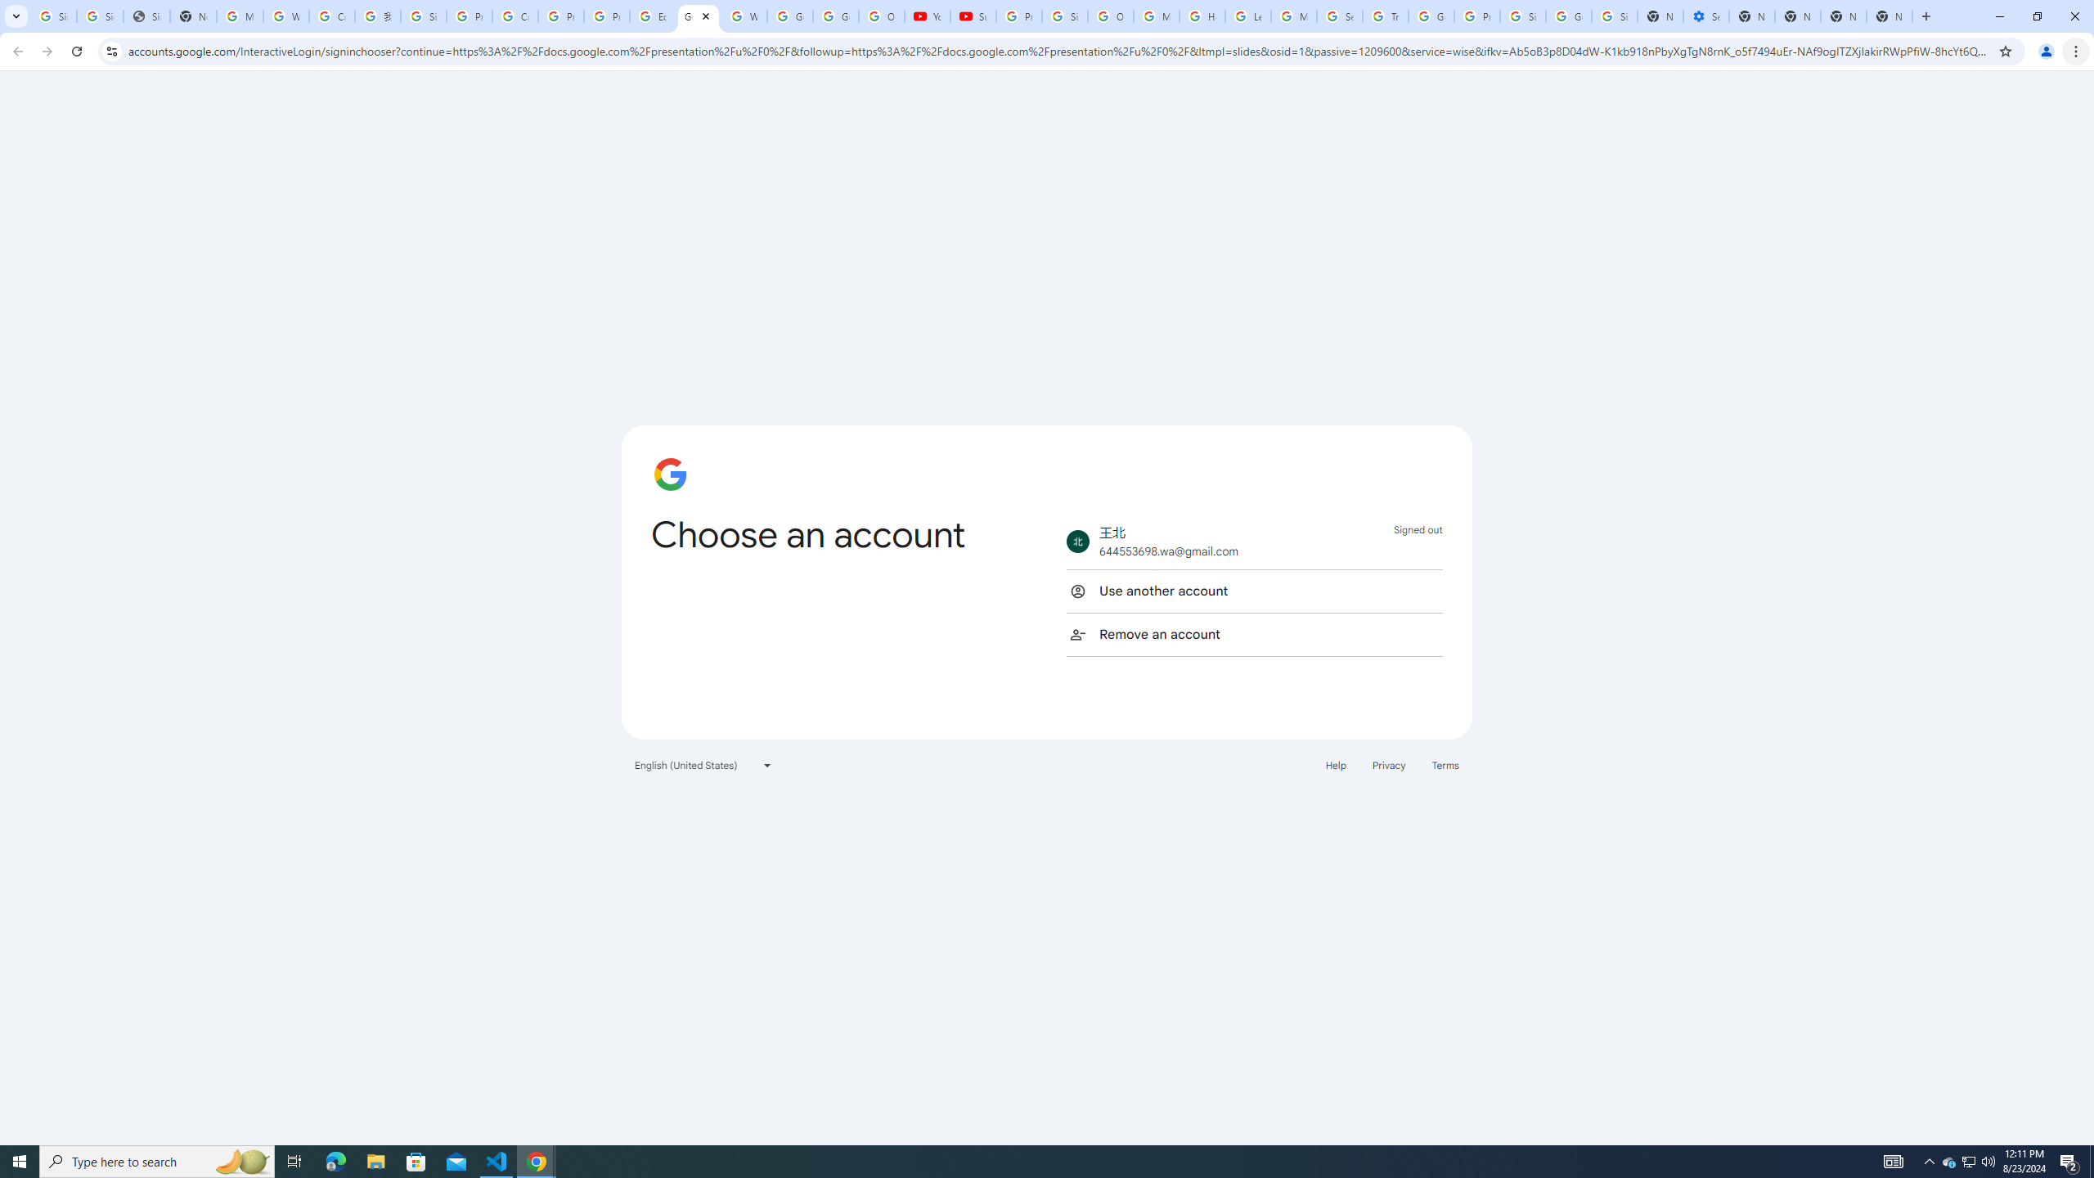  What do you see at coordinates (516, 16) in the screenshot?
I see `'Create your Google Account'` at bounding box center [516, 16].